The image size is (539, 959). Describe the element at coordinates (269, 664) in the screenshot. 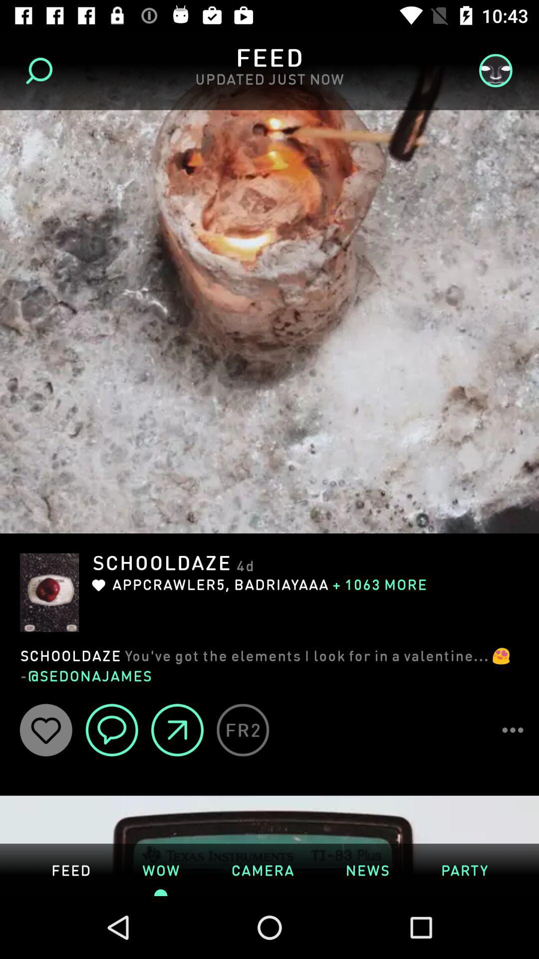

I see `schooldazes comment sedonajames` at that location.